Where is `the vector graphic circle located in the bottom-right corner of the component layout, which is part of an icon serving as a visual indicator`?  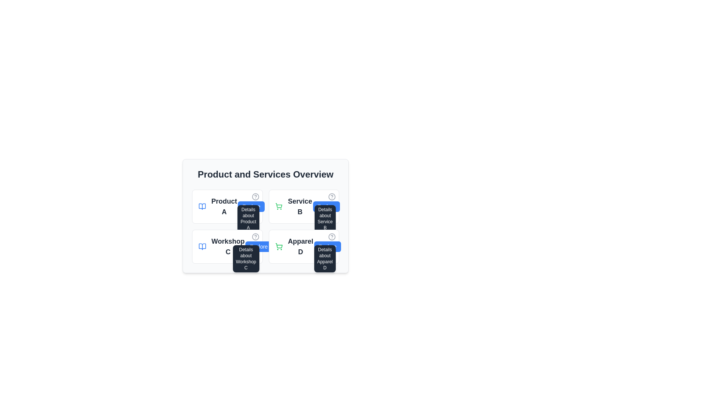
the vector graphic circle located in the bottom-right corner of the component layout, which is part of an icon serving as a visual indicator is located at coordinates (332, 236).